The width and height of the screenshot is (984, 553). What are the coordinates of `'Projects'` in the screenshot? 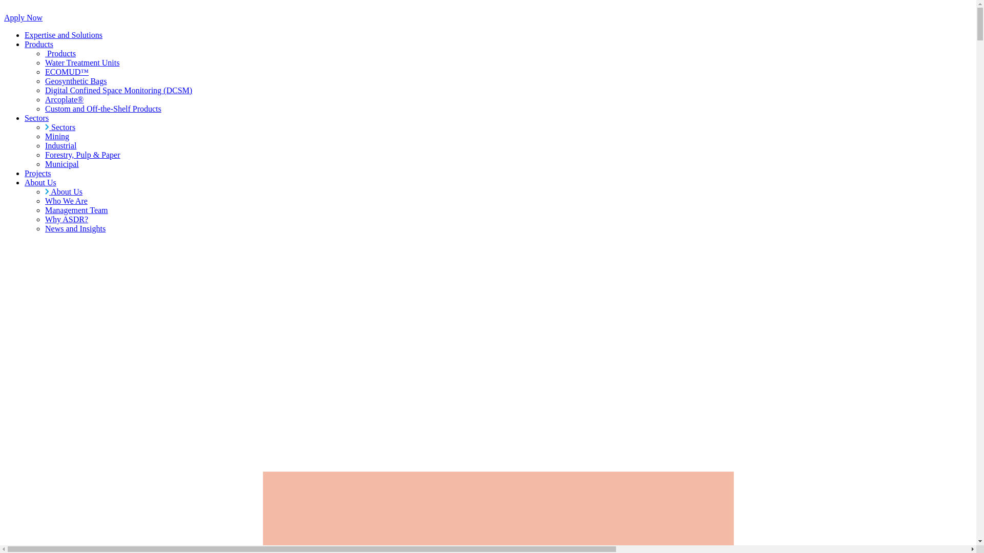 It's located at (37, 173).